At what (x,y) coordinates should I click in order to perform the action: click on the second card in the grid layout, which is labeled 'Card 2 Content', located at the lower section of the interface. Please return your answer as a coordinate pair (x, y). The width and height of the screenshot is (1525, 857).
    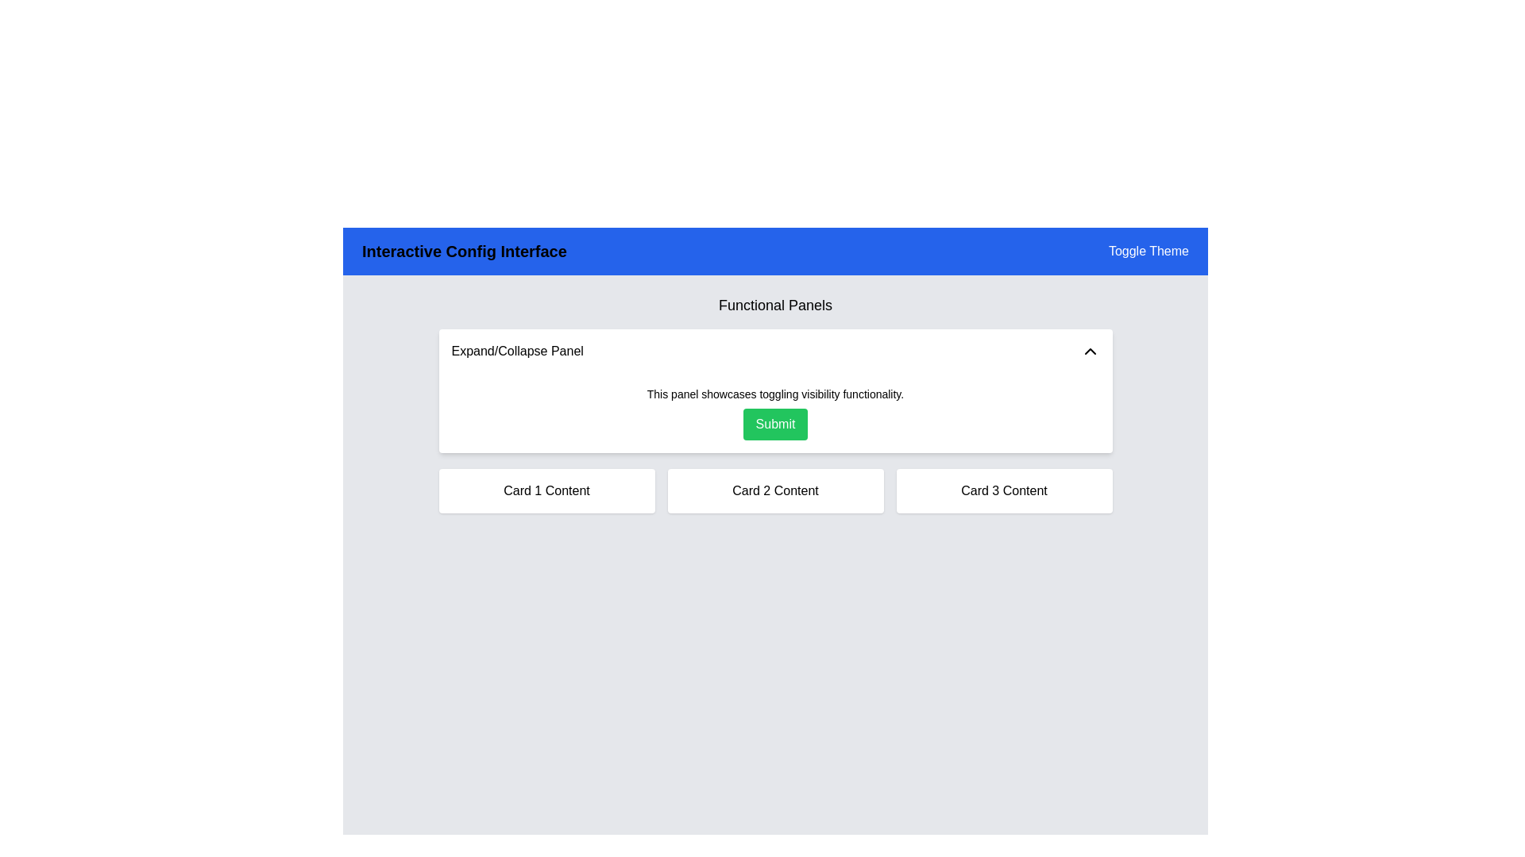
    Looking at the image, I should click on (775, 490).